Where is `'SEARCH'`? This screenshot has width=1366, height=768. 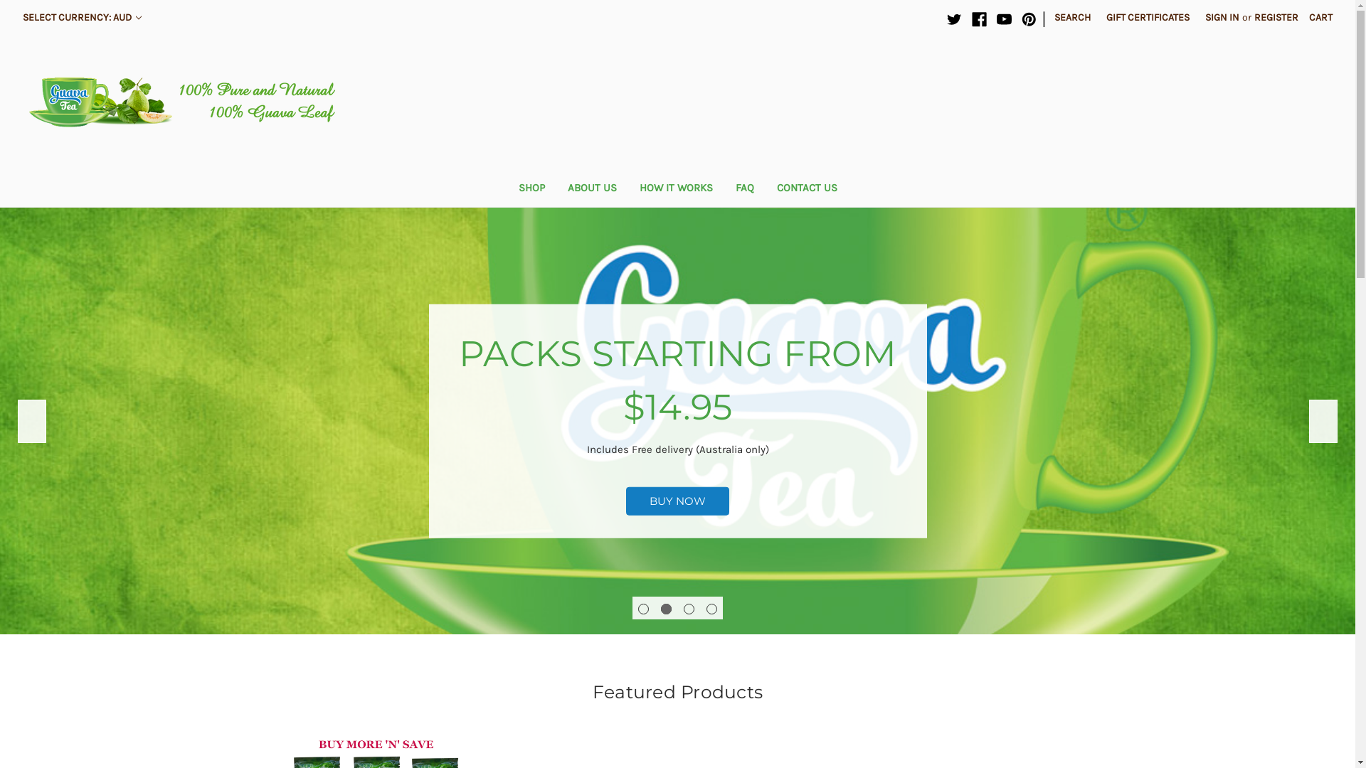
'SEARCH' is located at coordinates (1072, 17).